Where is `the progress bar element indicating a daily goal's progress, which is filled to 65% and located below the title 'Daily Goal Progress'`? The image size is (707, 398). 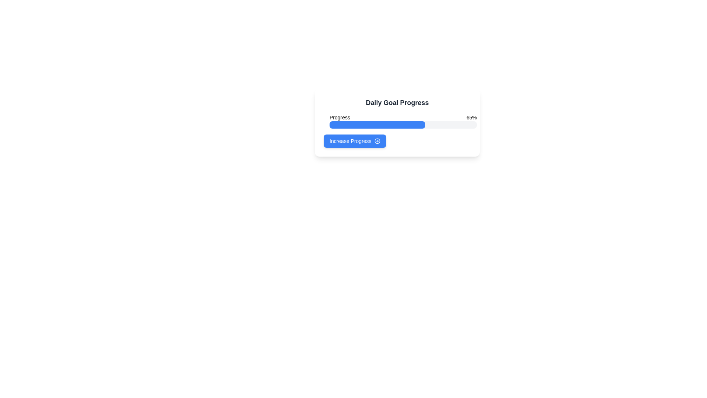
the progress bar element indicating a daily goal's progress, which is filled to 65% and located below the title 'Daily Goal Progress' is located at coordinates (397, 122).